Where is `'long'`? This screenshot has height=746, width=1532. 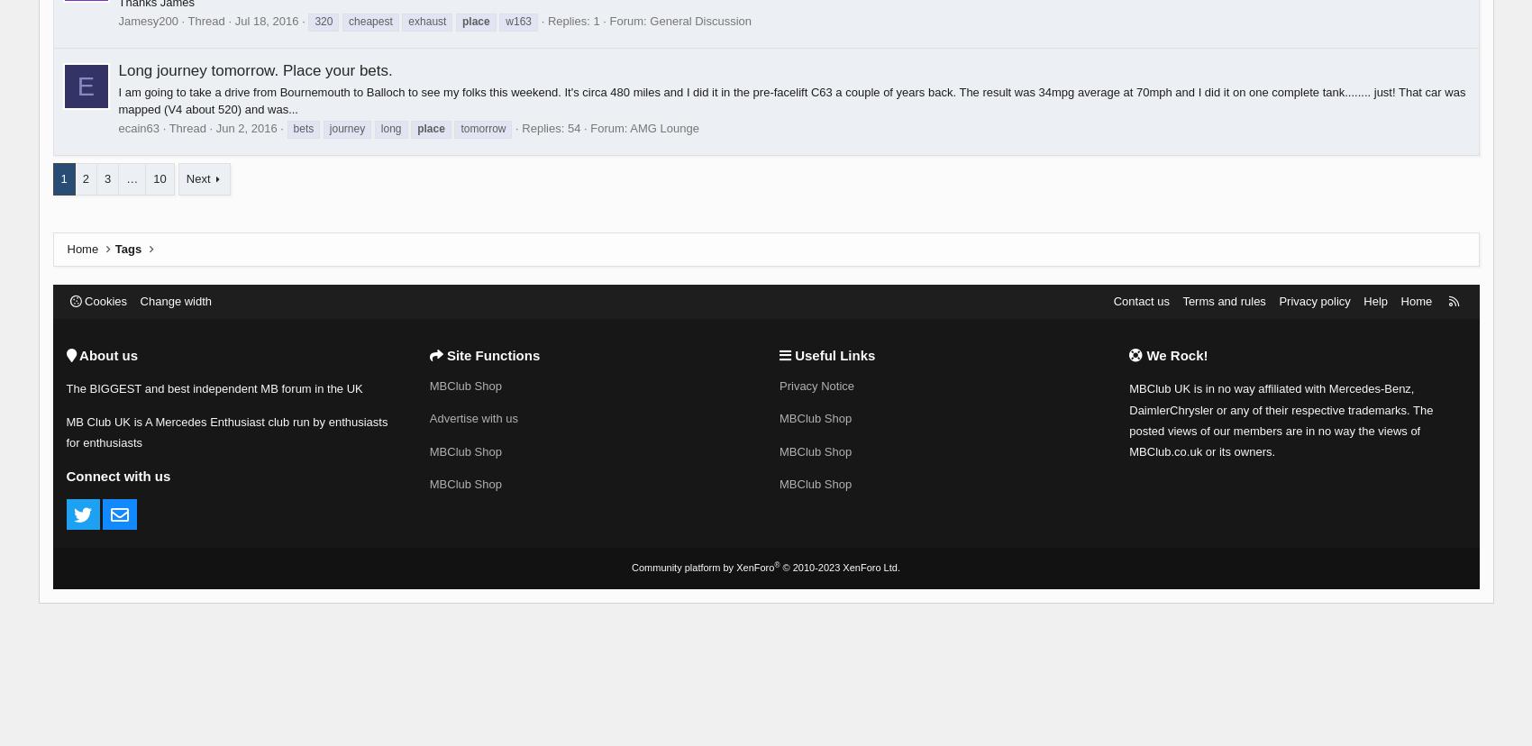 'long' is located at coordinates (390, 128).